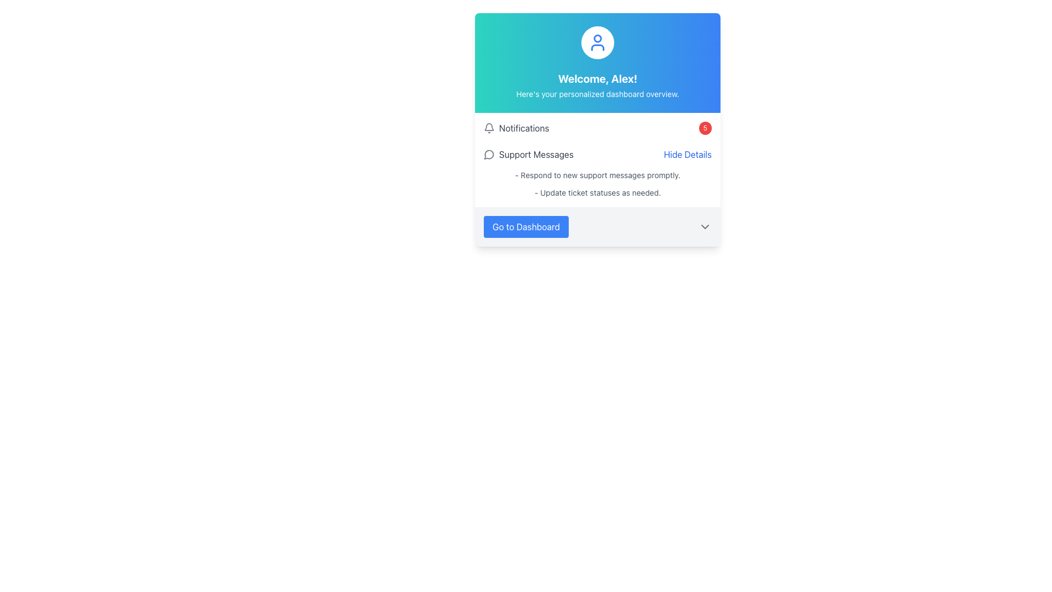 The height and width of the screenshot is (592, 1052). What do you see at coordinates (597, 38) in the screenshot?
I see `the circular user profile picture icon located at the top-center of the card element in the SVG graphic` at bounding box center [597, 38].